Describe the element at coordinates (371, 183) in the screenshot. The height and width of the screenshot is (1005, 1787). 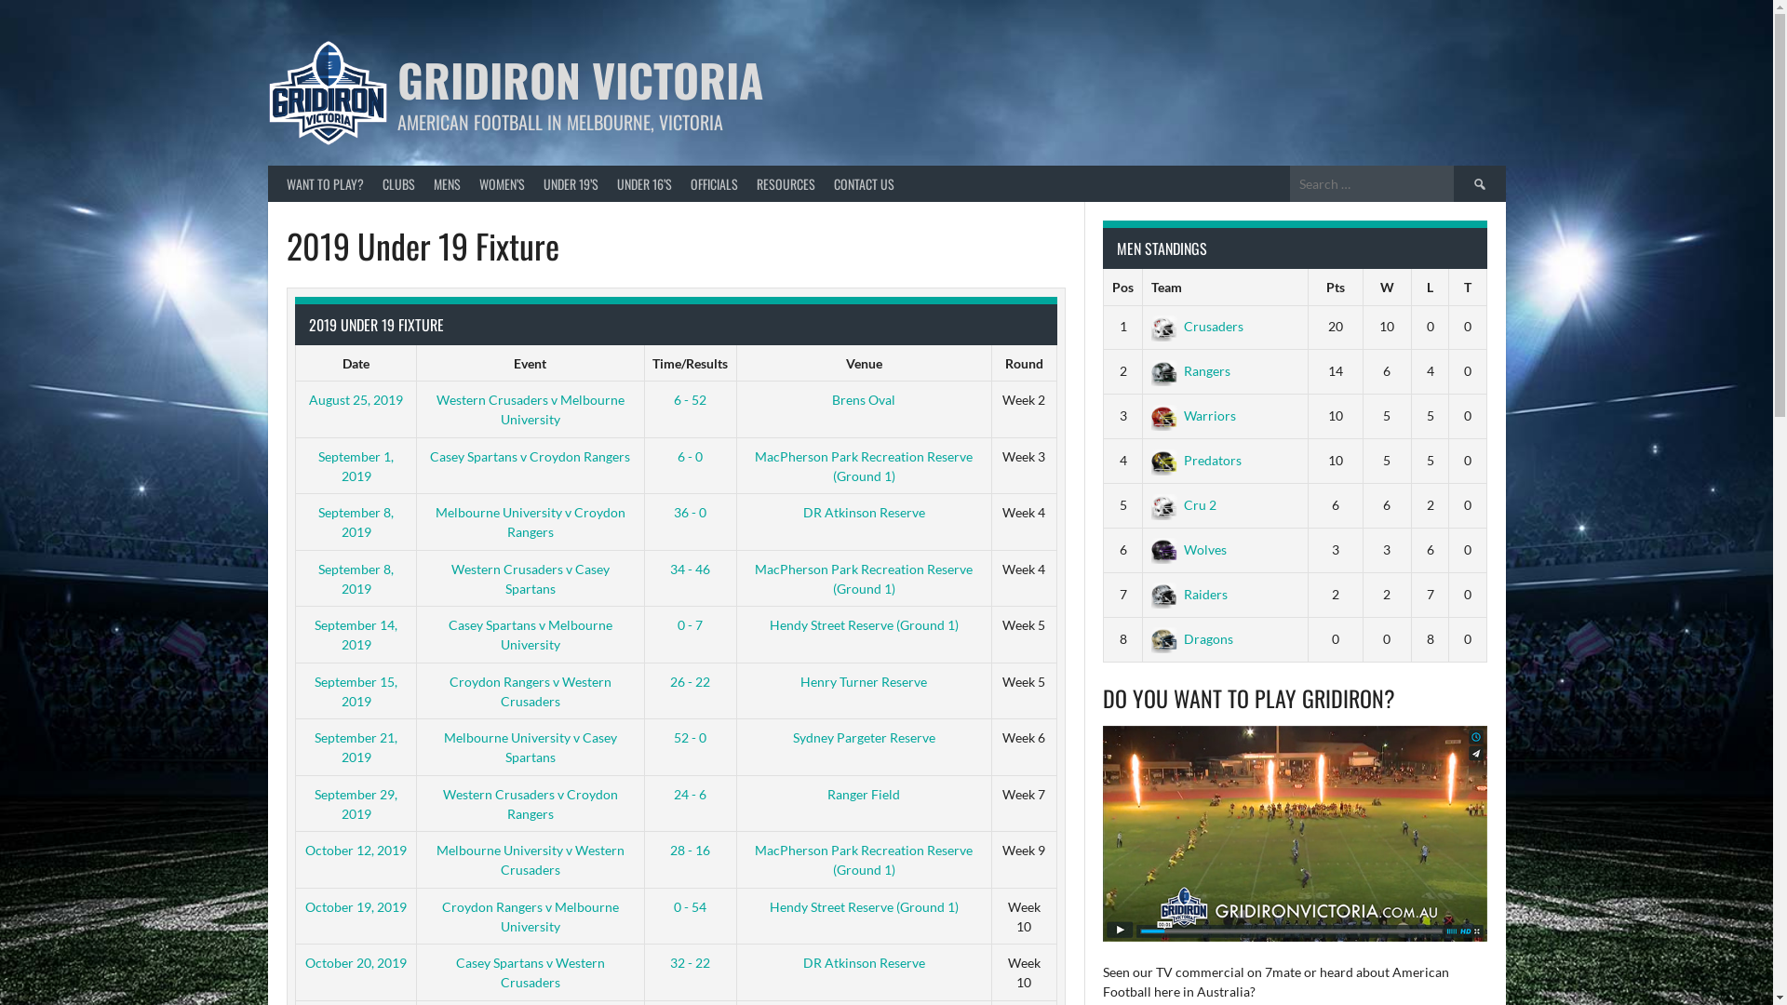
I see `'CLUBS'` at that location.